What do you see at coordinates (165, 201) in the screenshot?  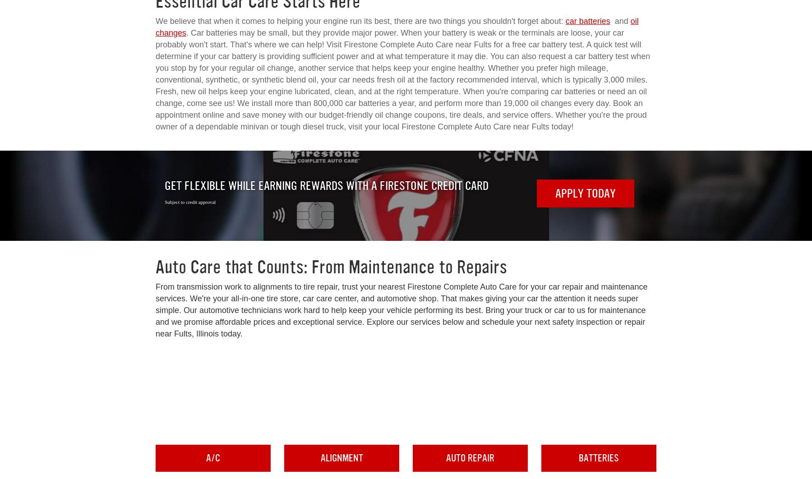 I see `'Subject to credit approval'` at bounding box center [165, 201].